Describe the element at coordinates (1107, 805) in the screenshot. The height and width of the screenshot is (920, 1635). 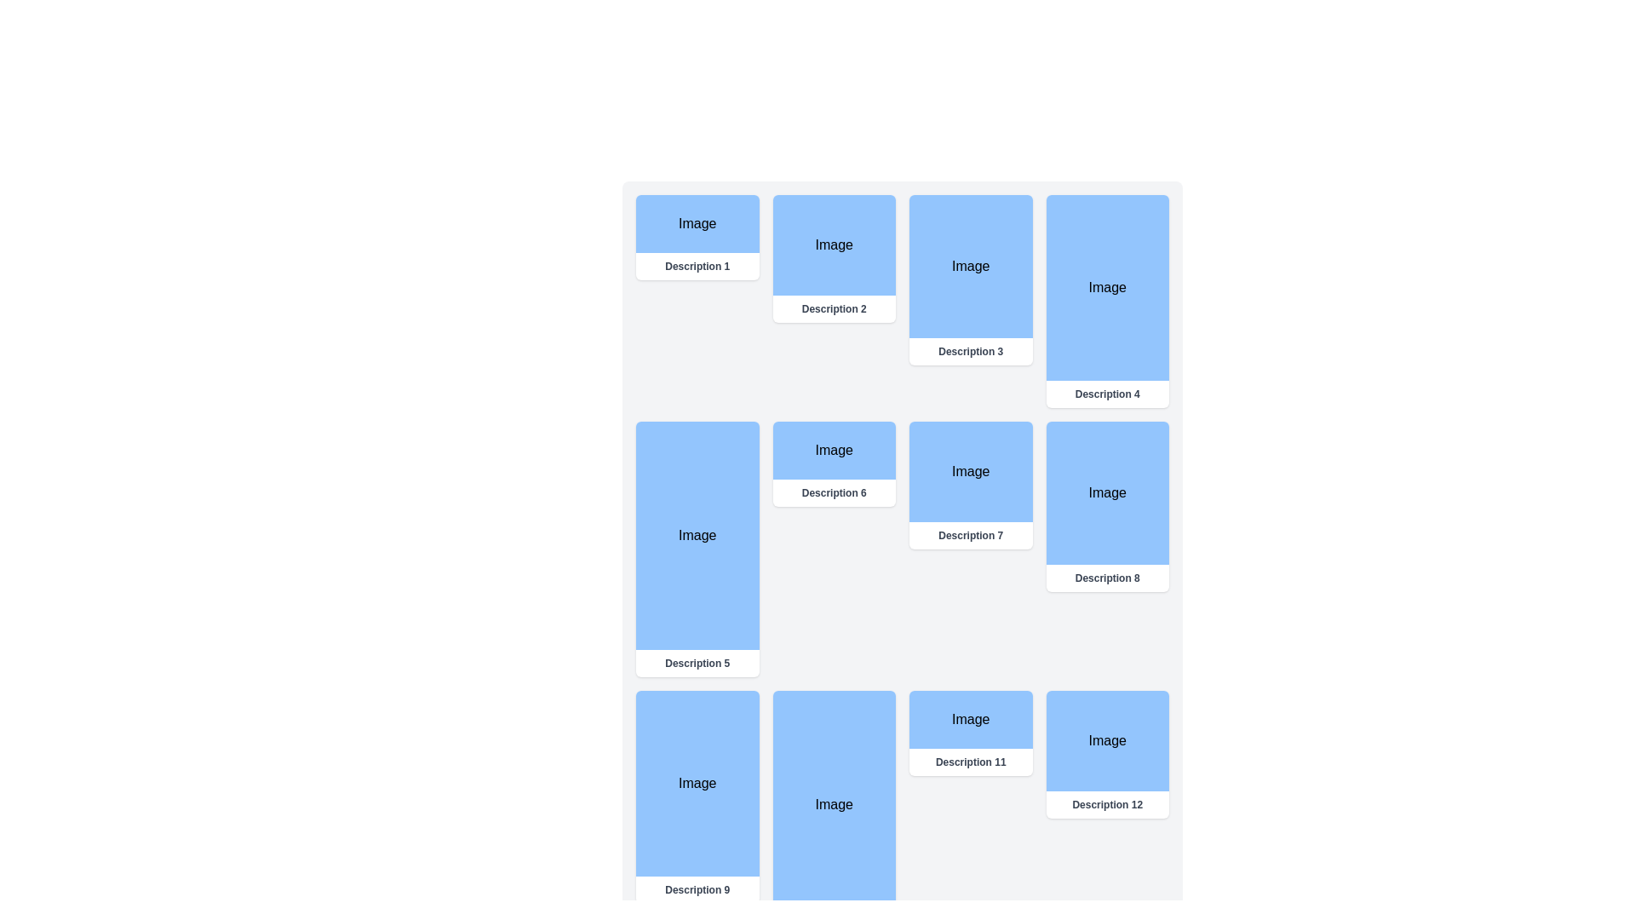
I see `the text label that reads 'Description 12'` at that location.